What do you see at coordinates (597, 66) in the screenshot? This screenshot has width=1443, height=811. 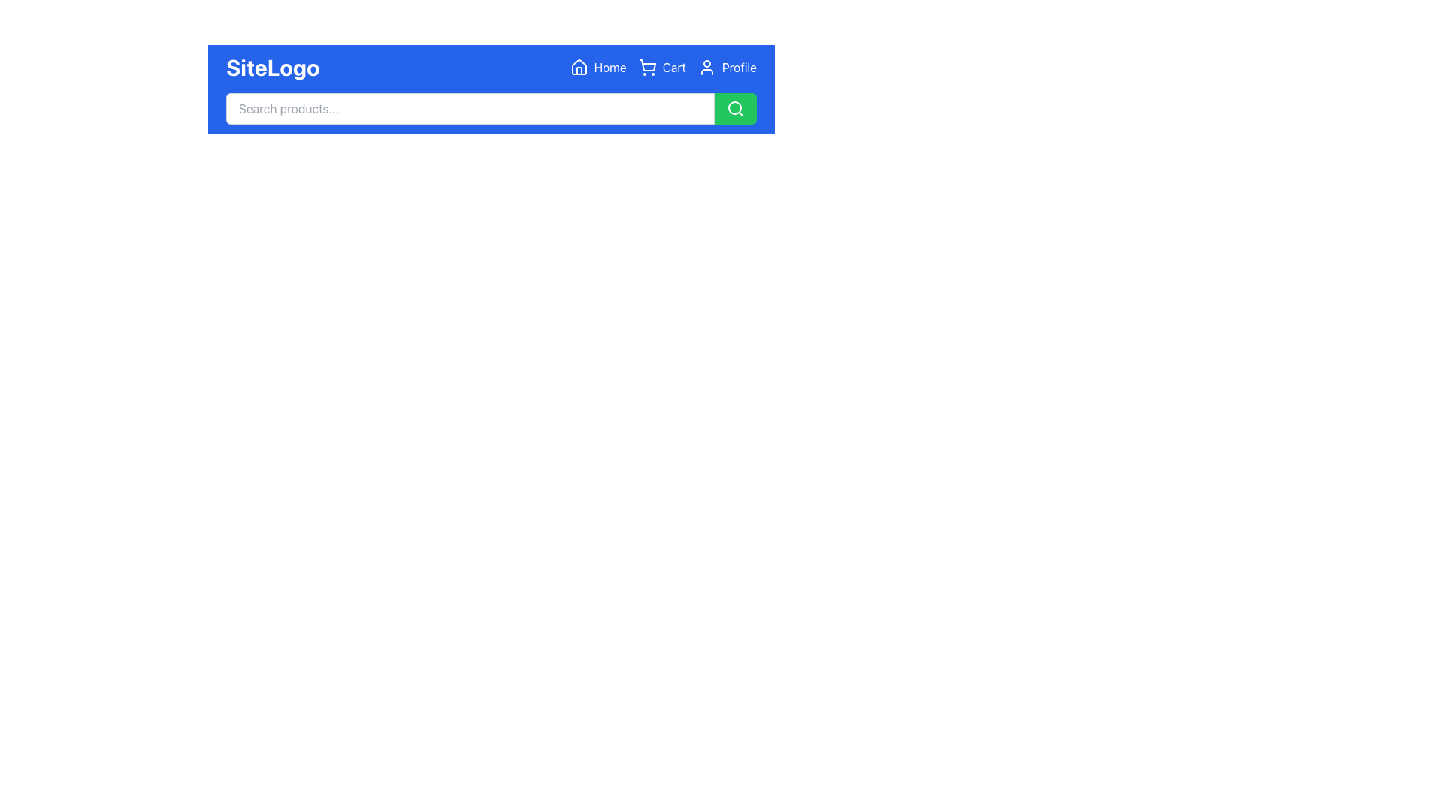 I see `the 'Home' button, which features a house-shaped icon and white text on a blue background, located at the top-right of the navigation bar` at bounding box center [597, 66].